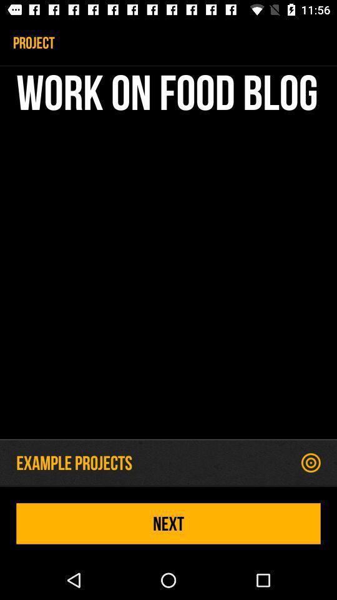  I want to click on next icon, so click(168, 523).